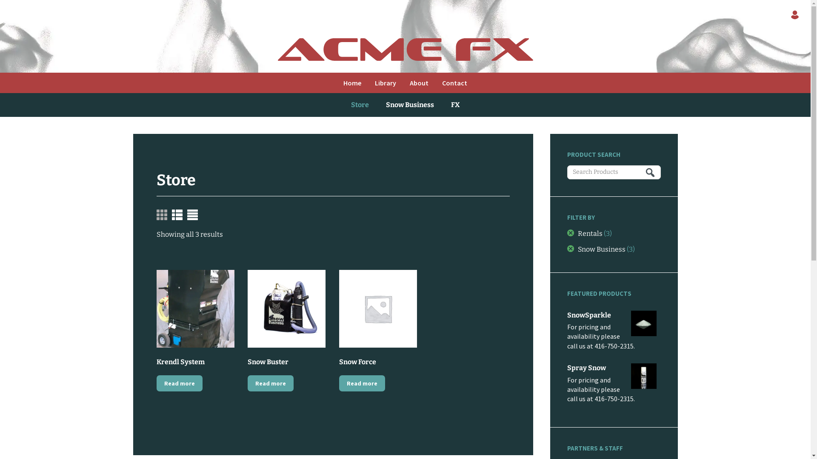 The image size is (817, 459). I want to click on 'About', so click(402, 83).